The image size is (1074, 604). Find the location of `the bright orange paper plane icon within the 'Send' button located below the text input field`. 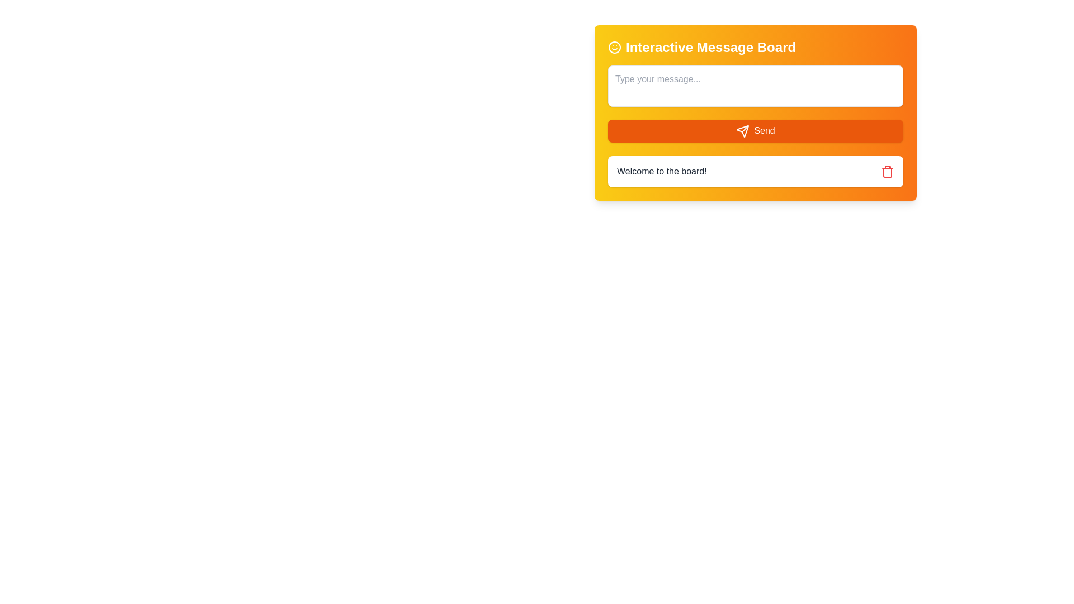

the bright orange paper plane icon within the 'Send' button located below the text input field is located at coordinates (743, 130).